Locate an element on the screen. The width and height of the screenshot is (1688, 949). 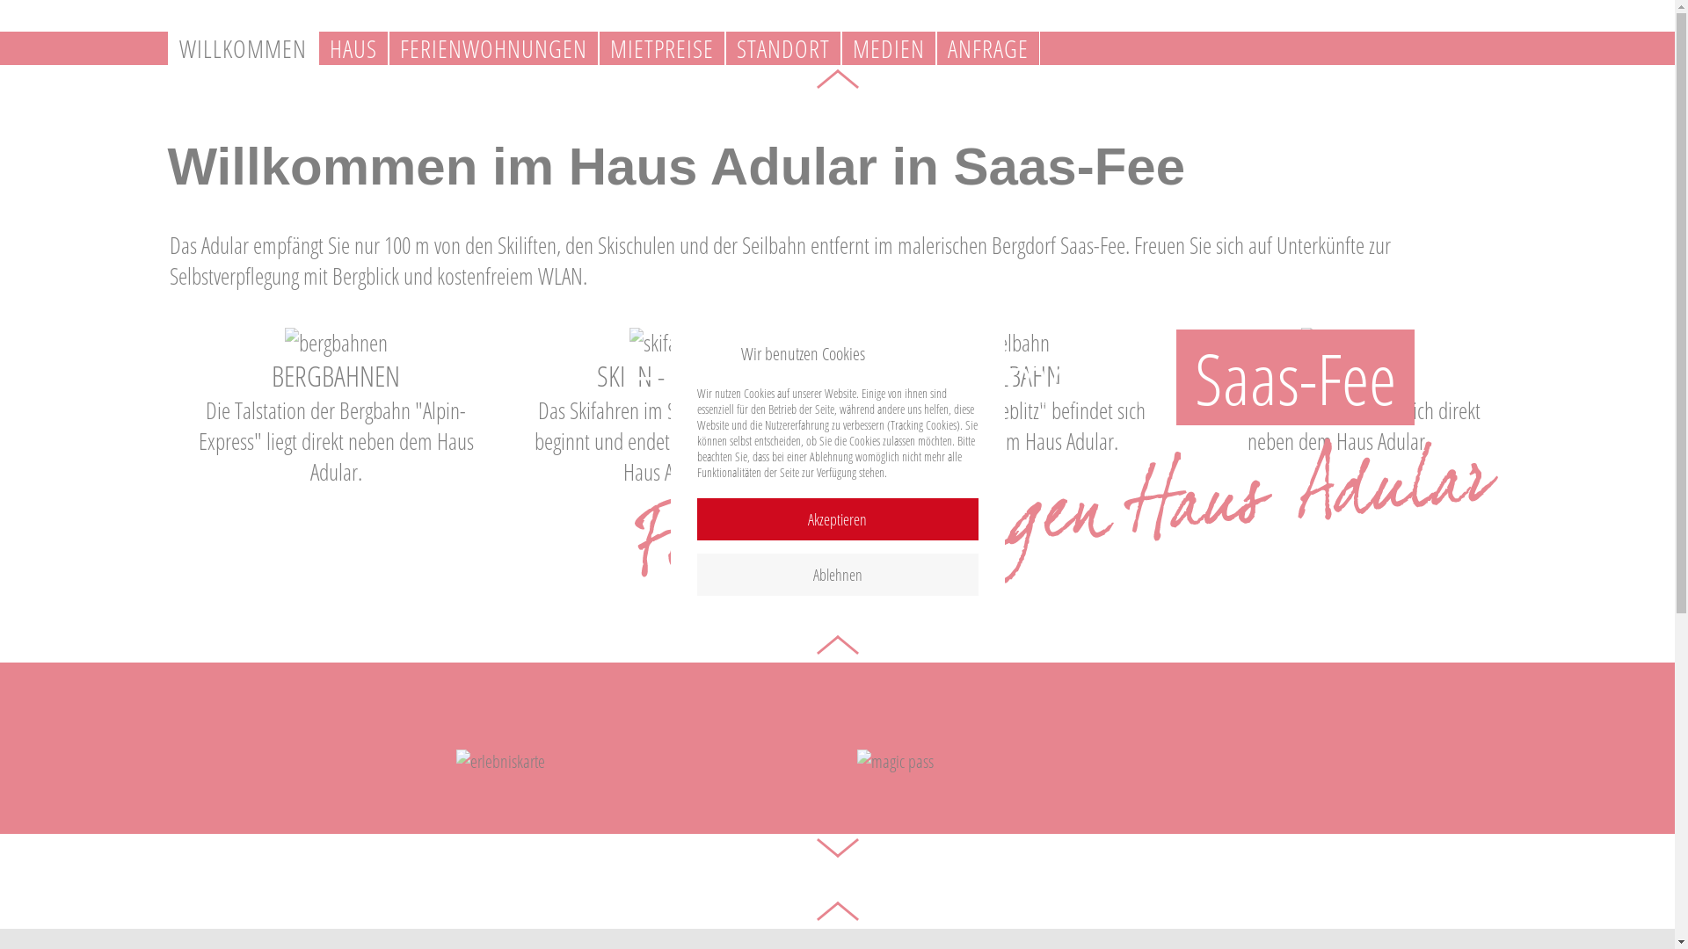
'MEDIEN' is located at coordinates (839, 47).